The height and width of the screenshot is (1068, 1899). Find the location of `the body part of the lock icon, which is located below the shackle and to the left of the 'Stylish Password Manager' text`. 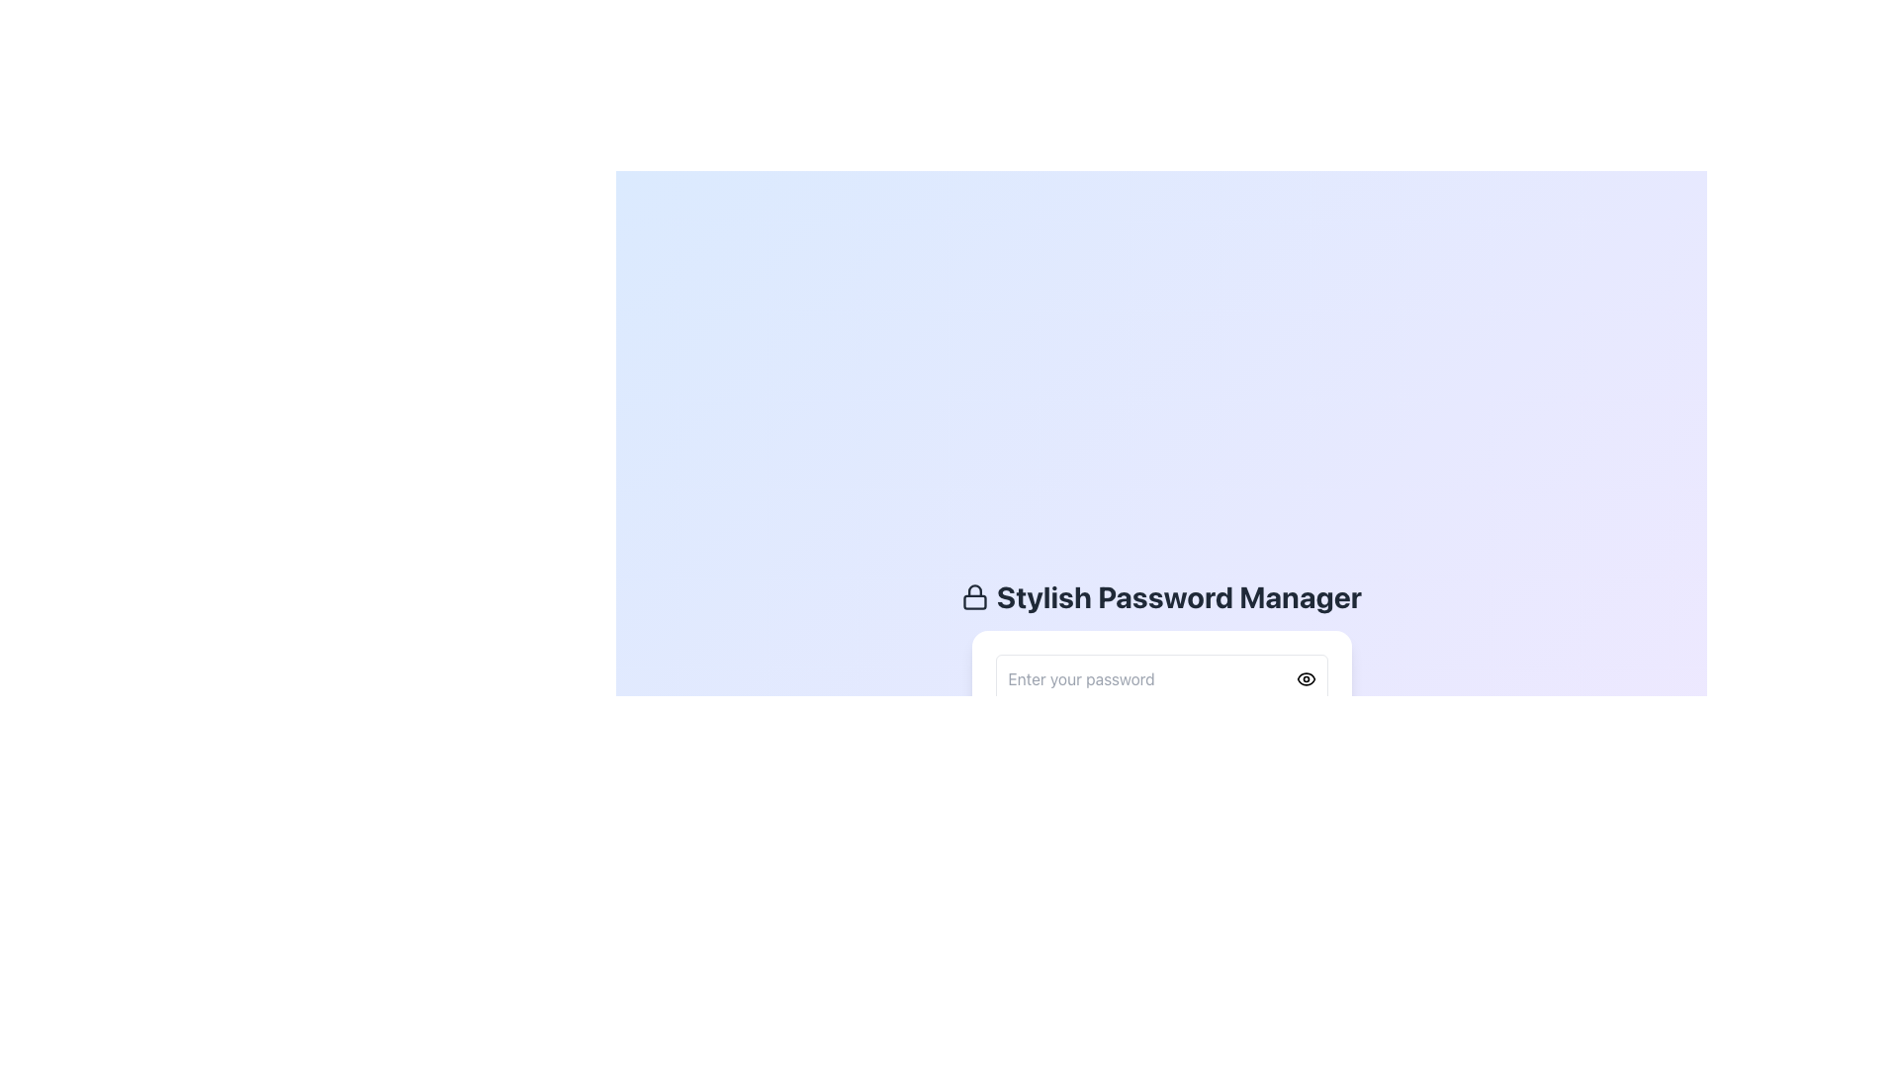

the body part of the lock icon, which is located below the shackle and to the left of the 'Stylish Password Manager' text is located at coordinates (974, 601).